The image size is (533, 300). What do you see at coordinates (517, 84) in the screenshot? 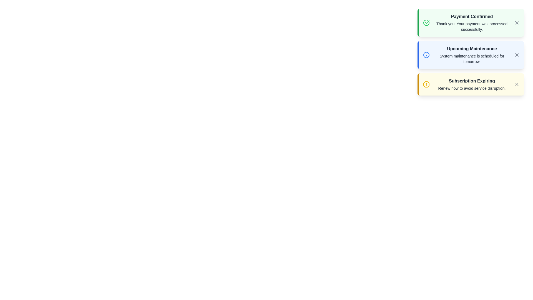
I see `close button of the notification with the title 'Subscription Expiring'` at bounding box center [517, 84].